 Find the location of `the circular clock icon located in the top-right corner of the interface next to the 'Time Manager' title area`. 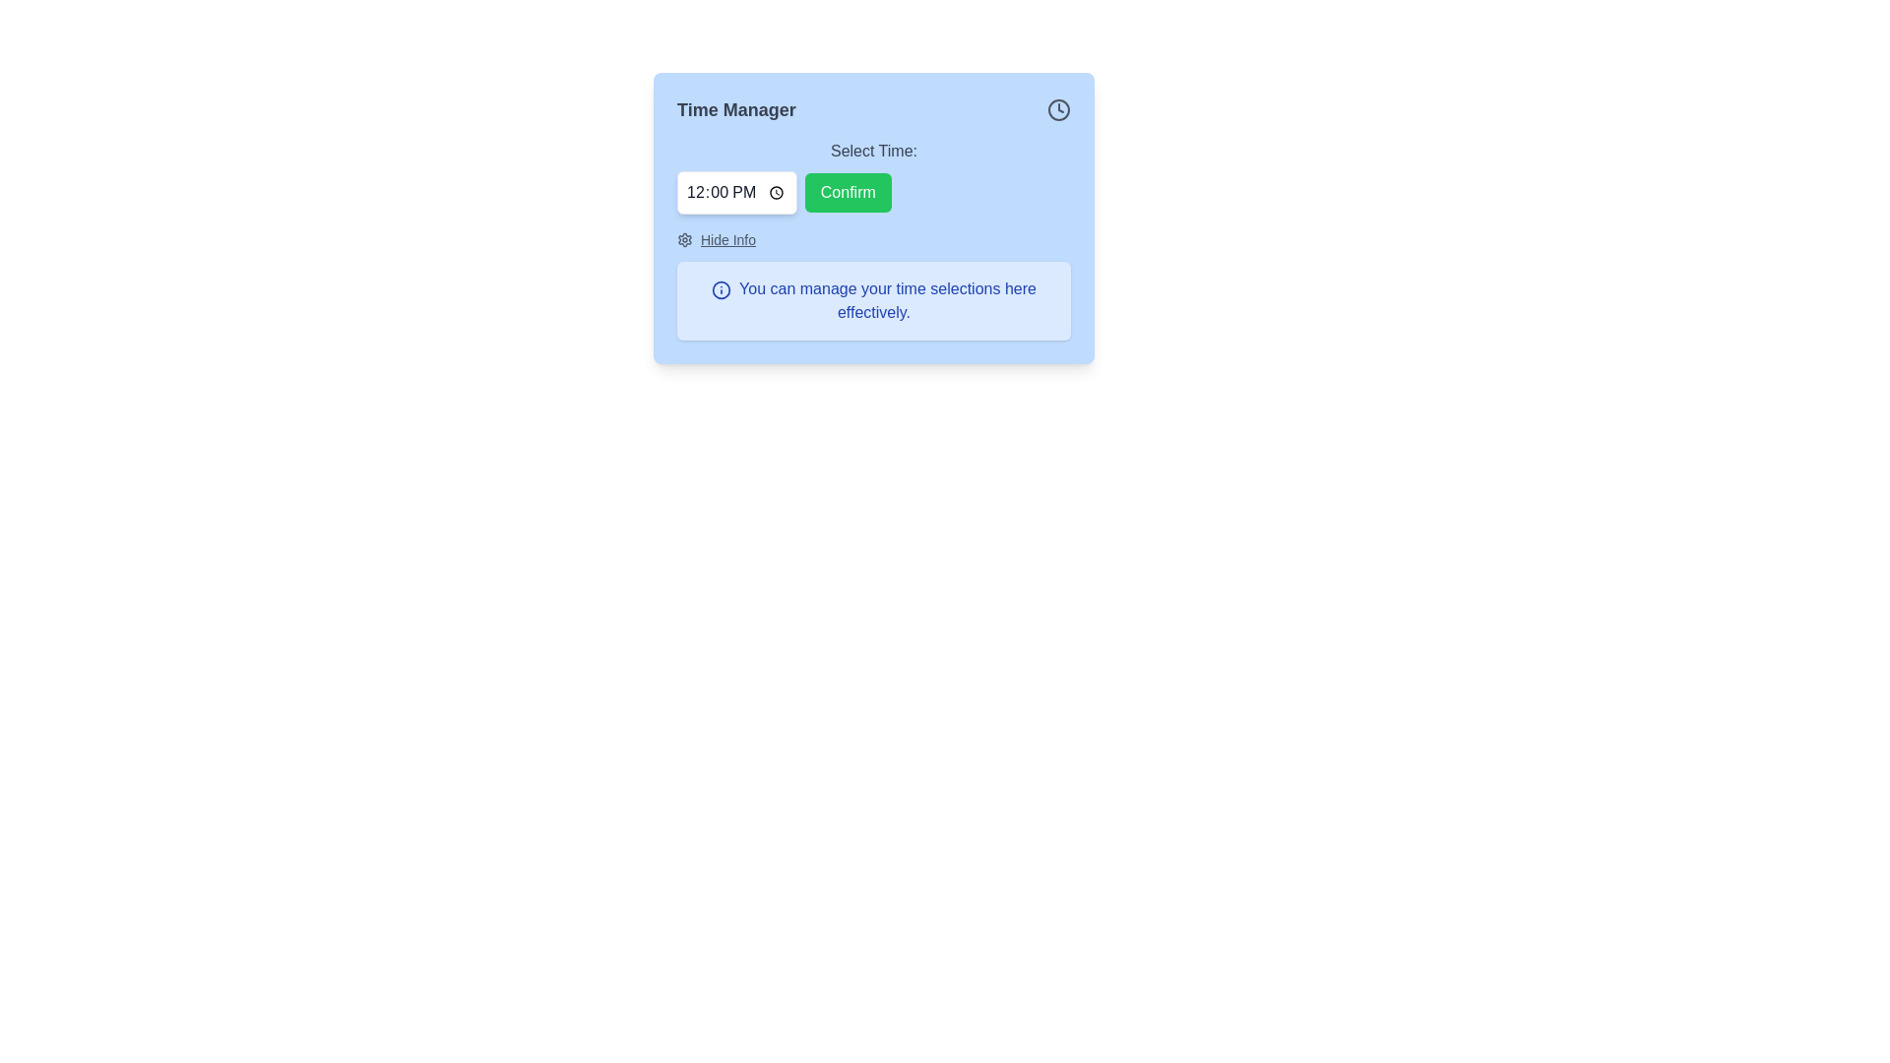

the circular clock icon located in the top-right corner of the interface next to the 'Time Manager' title area is located at coordinates (1057, 109).